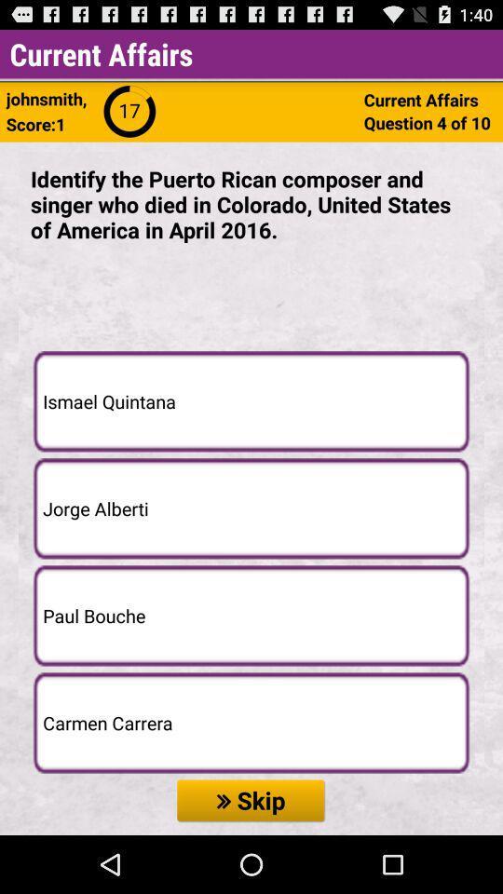  What do you see at coordinates (251, 508) in the screenshot?
I see `item above paul bouche item` at bounding box center [251, 508].